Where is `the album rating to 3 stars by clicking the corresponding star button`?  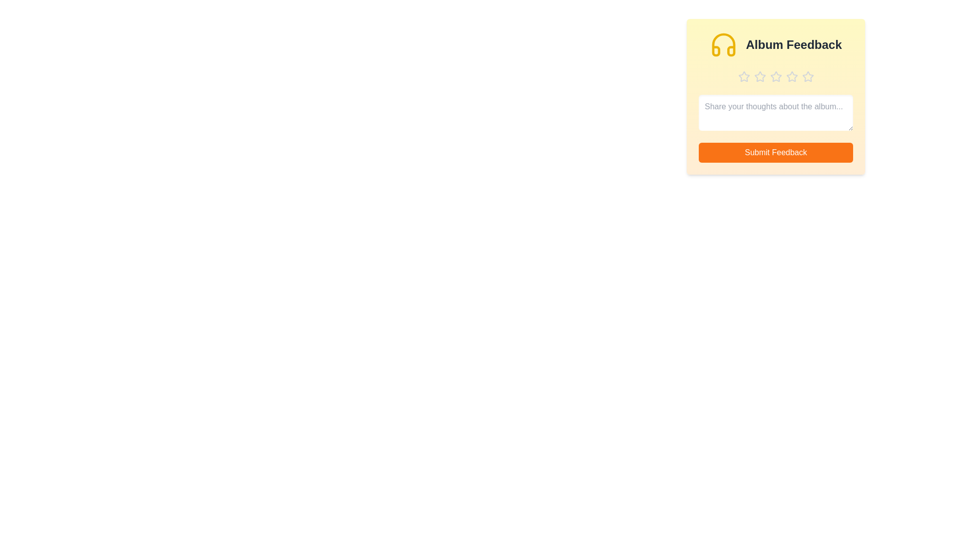 the album rating to 3 stars by clicking the corresponding star button is located at coordinates (775, 76).